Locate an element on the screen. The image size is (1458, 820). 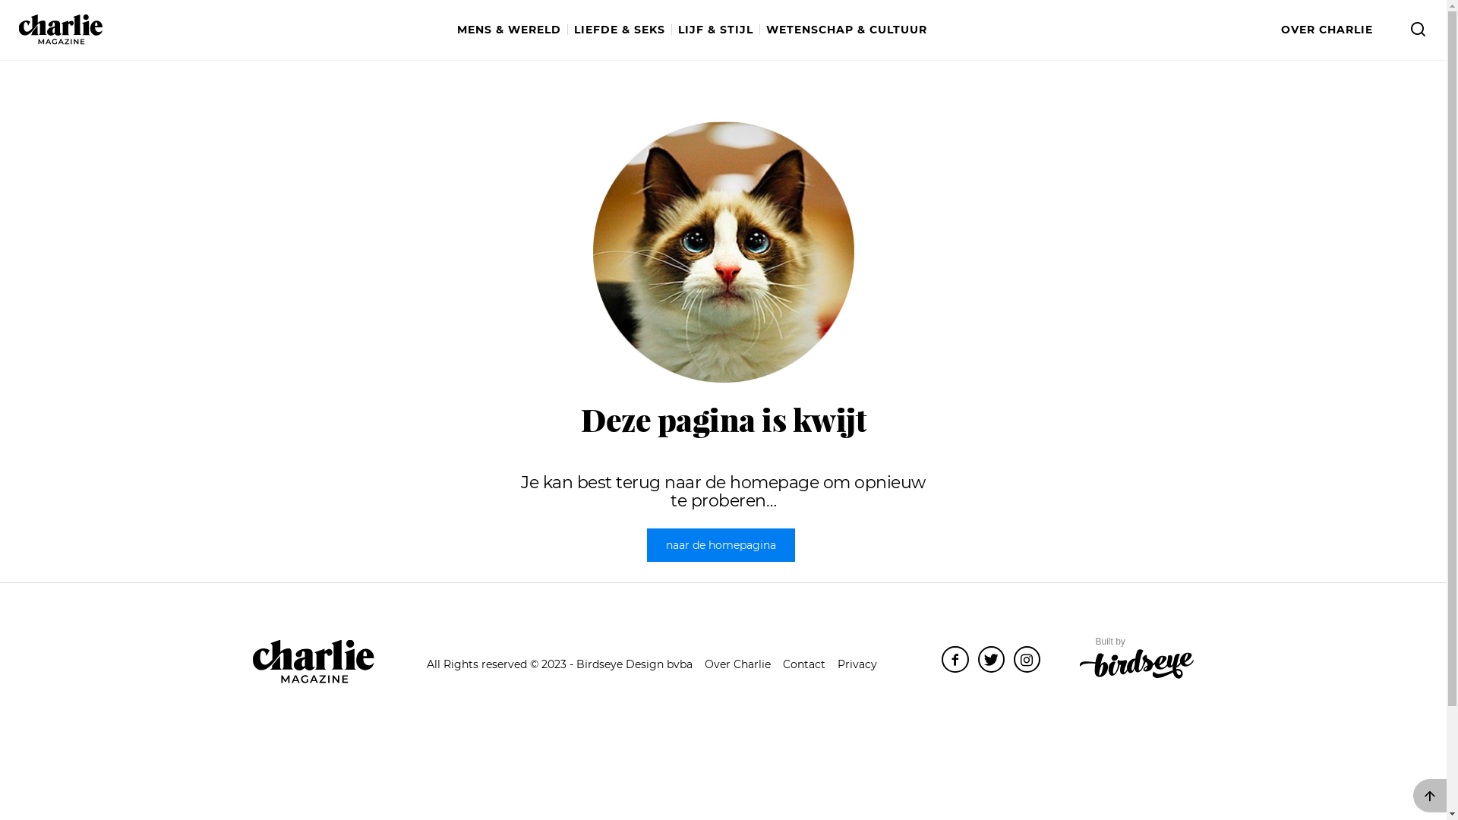
'Built by' is located at coordinates (1137, 658).